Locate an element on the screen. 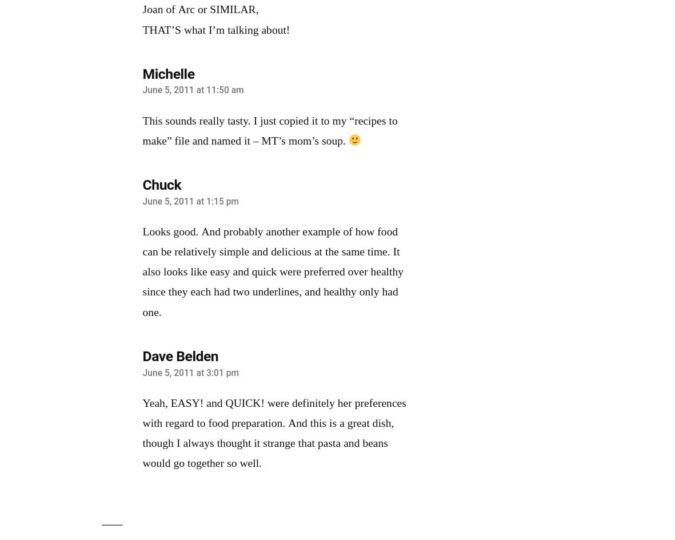 The height and width of the screenshot is (540, 675). 'Dave Belden' is located at coordinates (179, 355).